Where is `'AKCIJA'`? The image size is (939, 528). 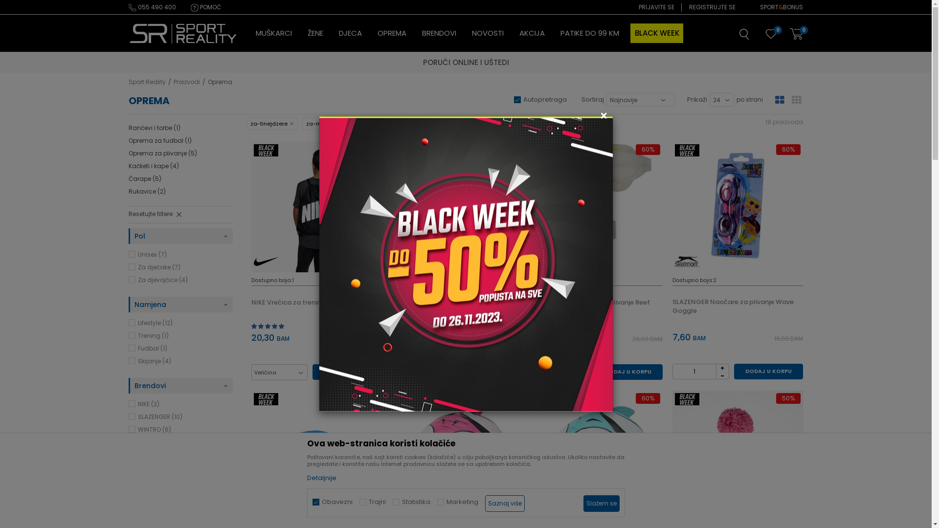
'AKCIJA' is located at coordinates (532, 33).